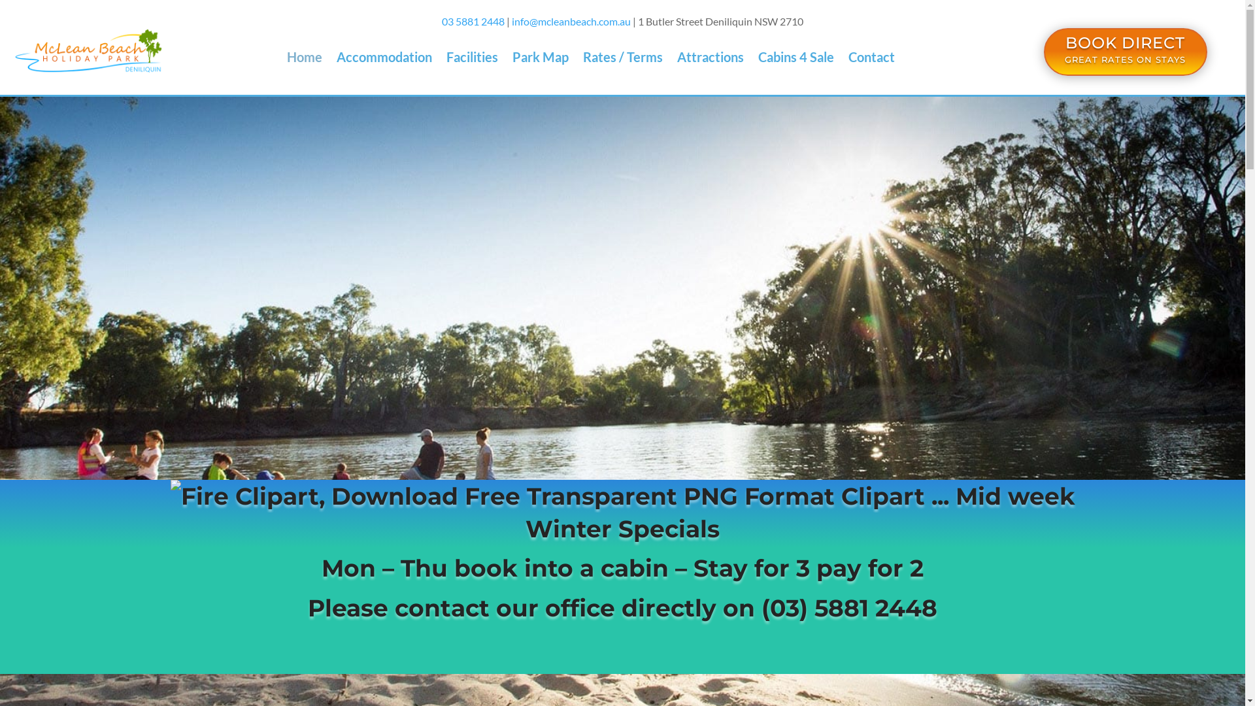  I want to click on 'GREAT RATES ON STAYS', so click(1124, 59).